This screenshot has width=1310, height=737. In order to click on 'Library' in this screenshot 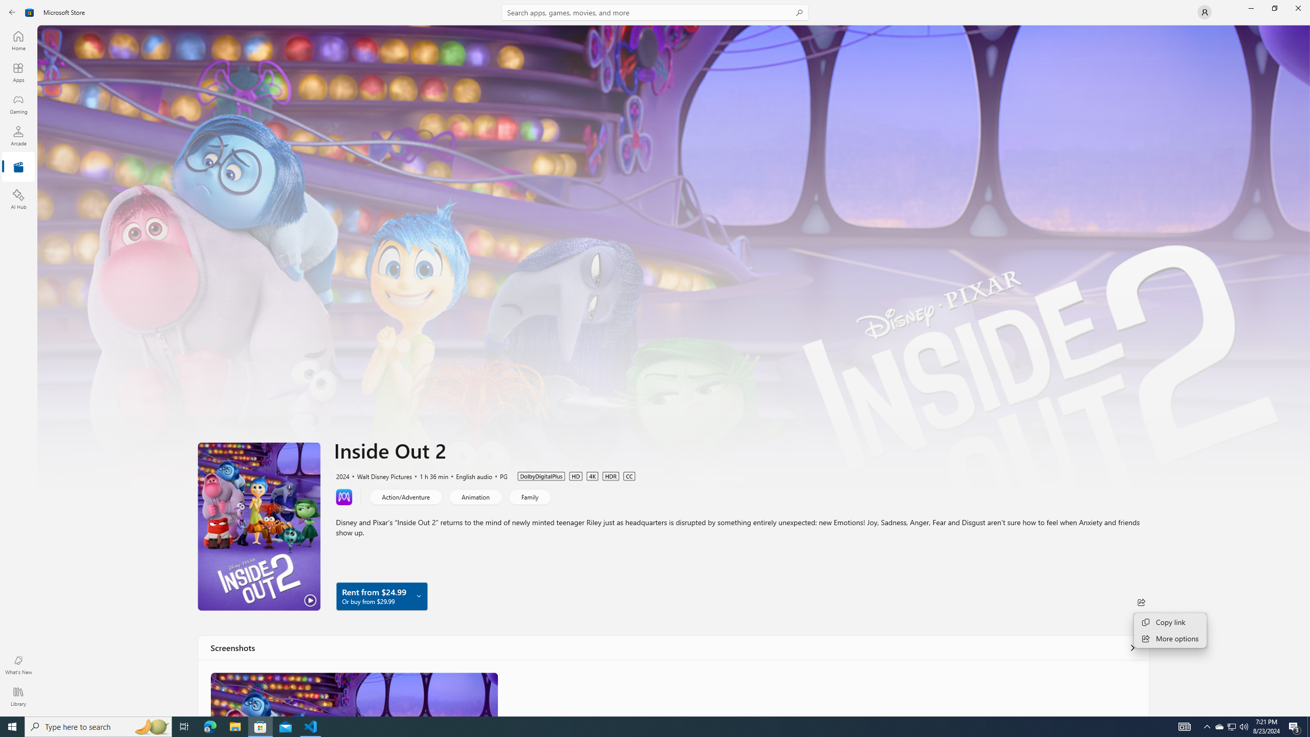, I will do `click(17, 696)`.